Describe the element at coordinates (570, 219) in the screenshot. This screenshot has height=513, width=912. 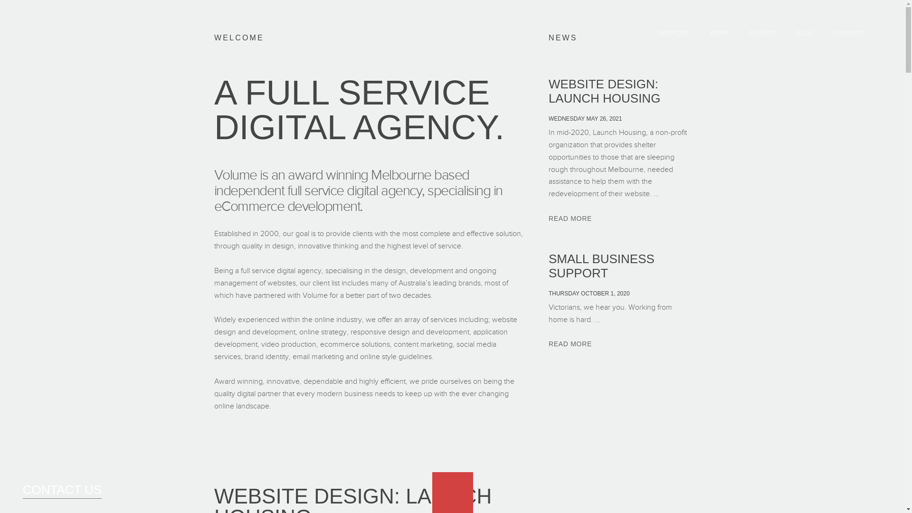
I see `'READ MORE'` at that location.